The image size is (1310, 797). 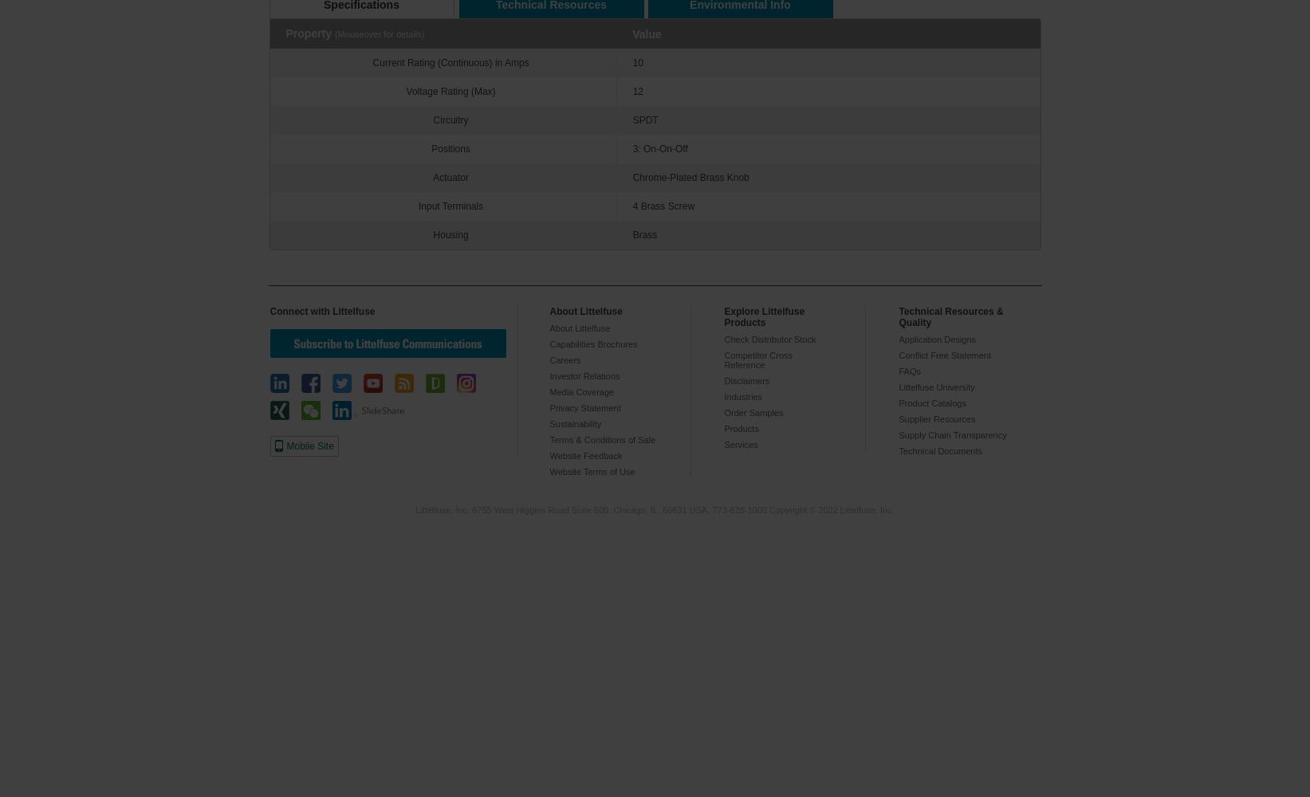 What do you see at coordinates (740, 445) in the screenshot?
I see `'Services'` at bounding box center [740, 445].